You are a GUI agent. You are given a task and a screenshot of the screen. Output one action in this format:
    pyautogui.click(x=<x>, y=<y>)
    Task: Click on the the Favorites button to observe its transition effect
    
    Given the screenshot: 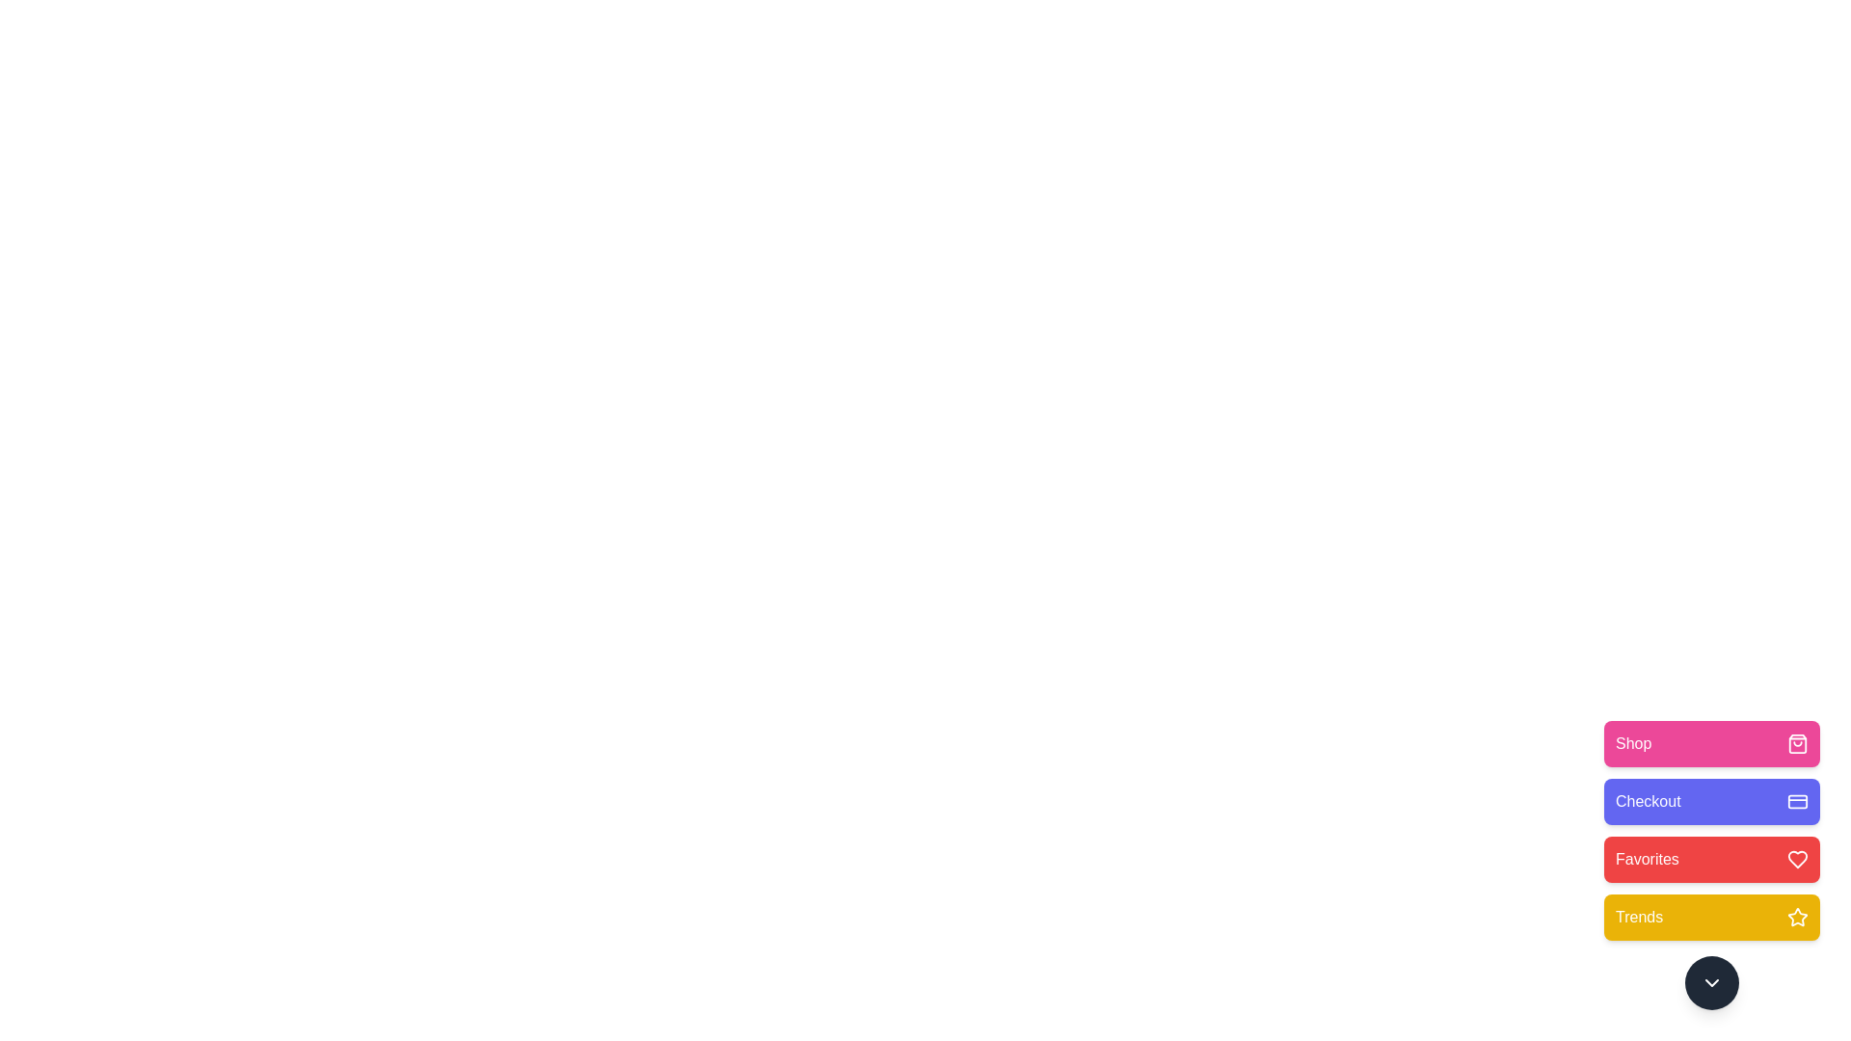 What is the action you would take?
    pyautogui.click(x=1712, y=858)
    